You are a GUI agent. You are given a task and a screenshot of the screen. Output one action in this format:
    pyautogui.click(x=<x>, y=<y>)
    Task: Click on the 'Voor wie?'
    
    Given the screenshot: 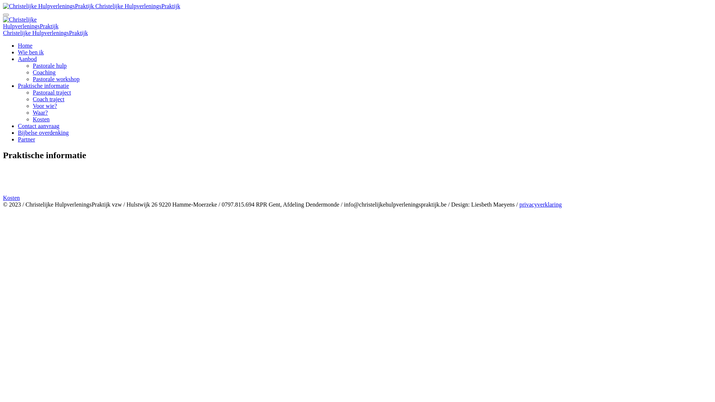 What is the action you would take?
    pyautogui.click(x=44, y=106)
    